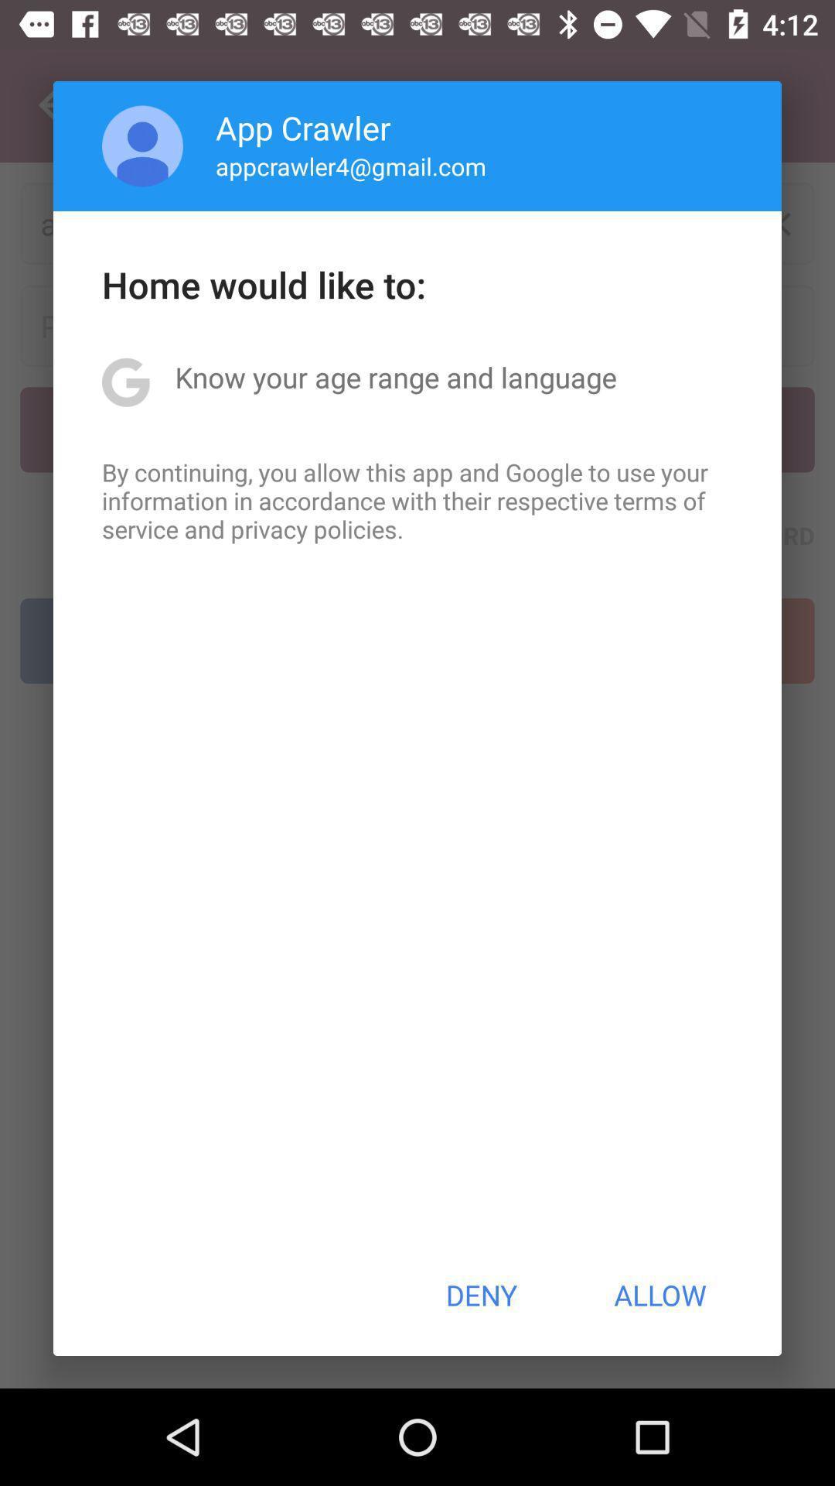  What do you see at coordinates (480, 1295) in the screenshot?
I see `the button to the left of allow item` at bounding box center [480, 1295].